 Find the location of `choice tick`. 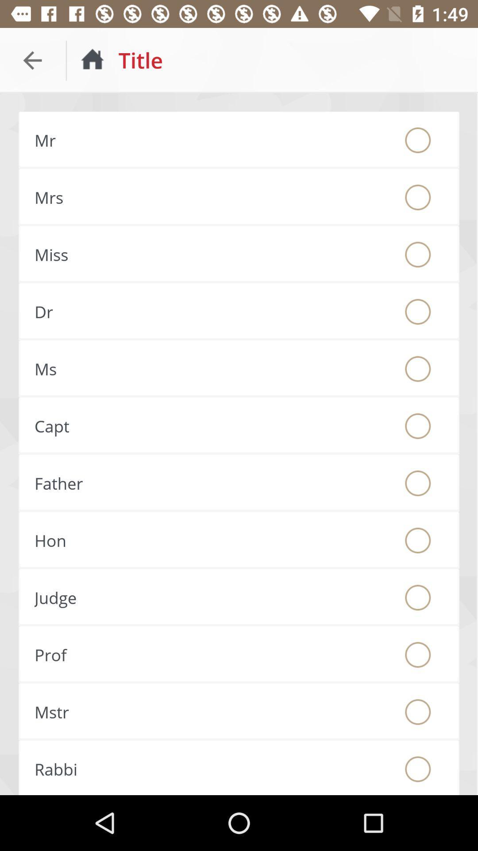

choice tick is located at coordinates (418, 426).